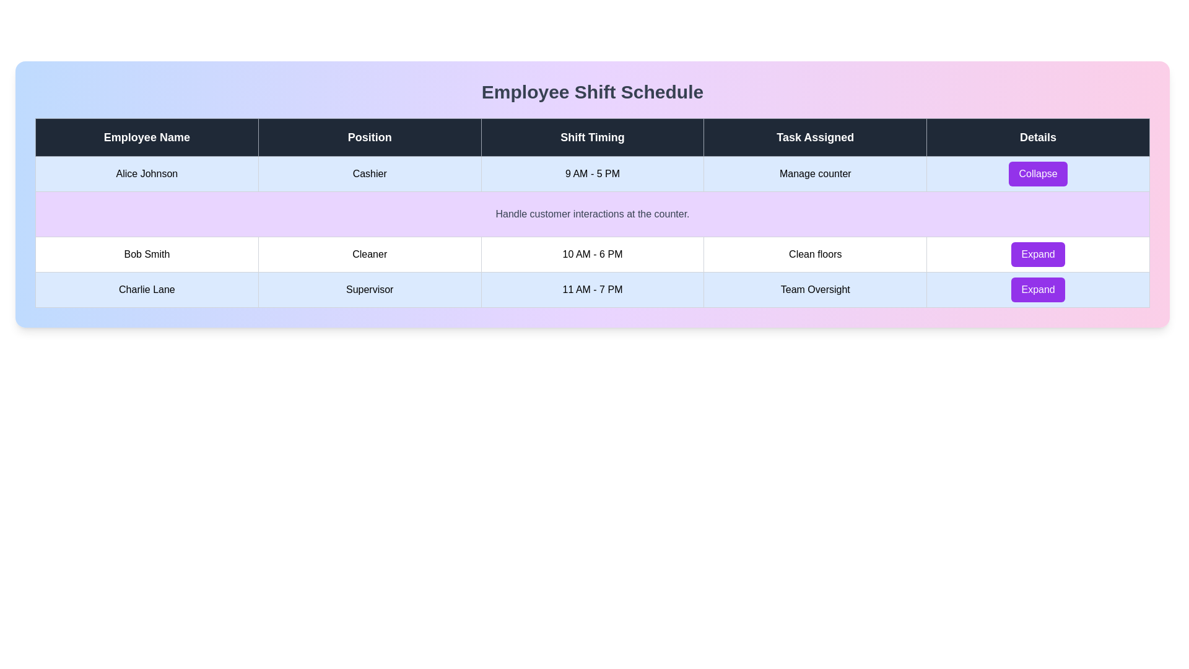  What do you see at coordinates (369, 254) in the screenshot?
I see `the 'Cleaner' text display field, which is a rectangular button-like entity with a white background and black text, located in the 'Position' column of the table interface` at bounding box center [369, 254].